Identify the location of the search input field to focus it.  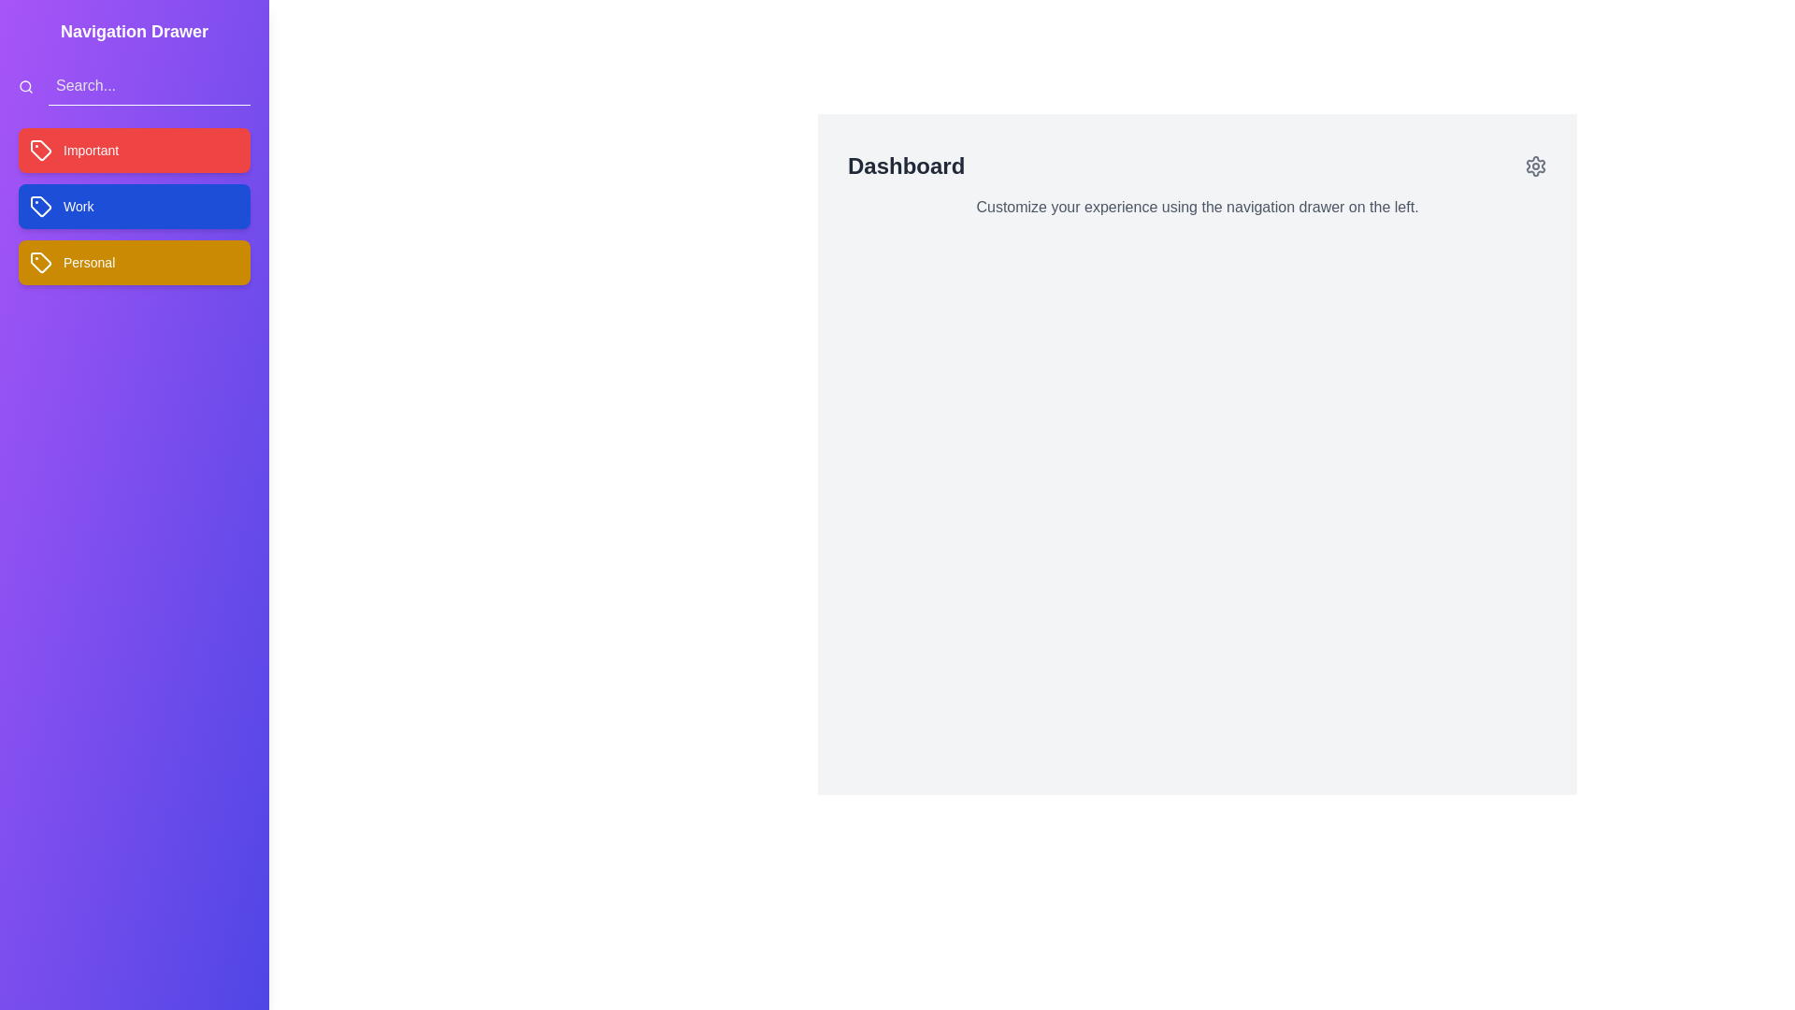
(148, 86).